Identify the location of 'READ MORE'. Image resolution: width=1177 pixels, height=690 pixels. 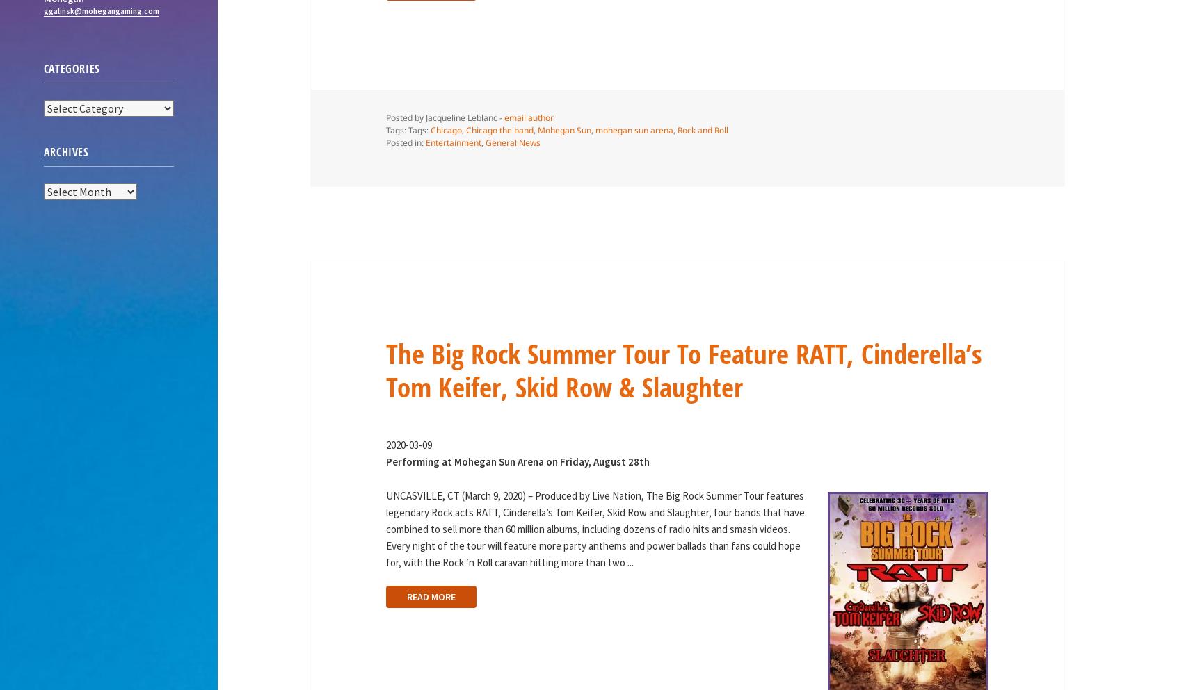
(406, 596).